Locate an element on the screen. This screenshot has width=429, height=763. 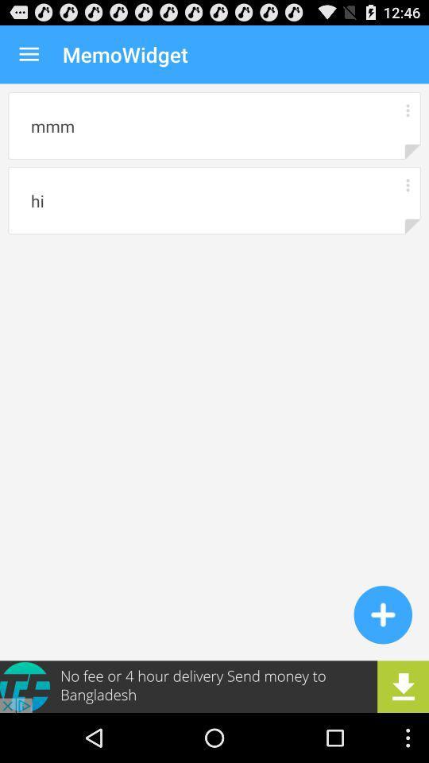
more information is located at coordinates (408, 109).